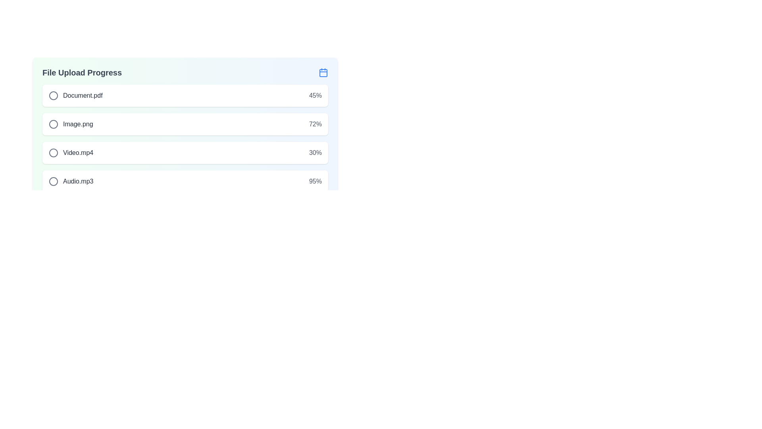  I want to click on the second file upload entry in the 'File Upload Progress' list, which displays the file name and upload progress percentage, so click(185, 124).